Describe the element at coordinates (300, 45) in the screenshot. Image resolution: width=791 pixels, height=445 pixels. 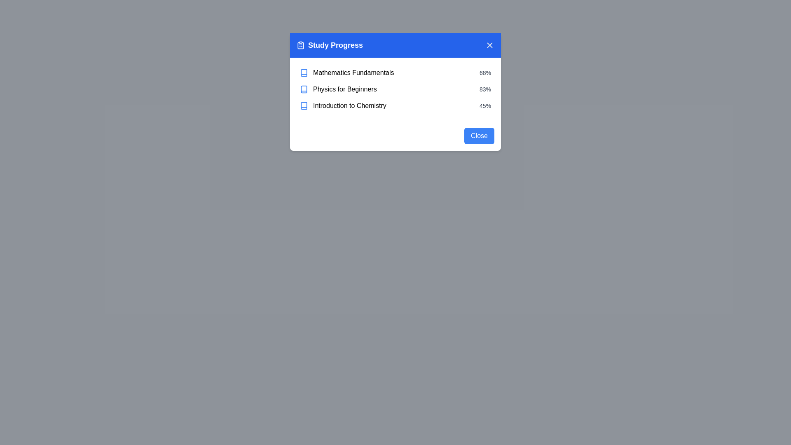
I see `the decorative icon located in the top-left portion of the modal dialog, which enhances the visual presentation of the 'Study Progress' title` at that location.